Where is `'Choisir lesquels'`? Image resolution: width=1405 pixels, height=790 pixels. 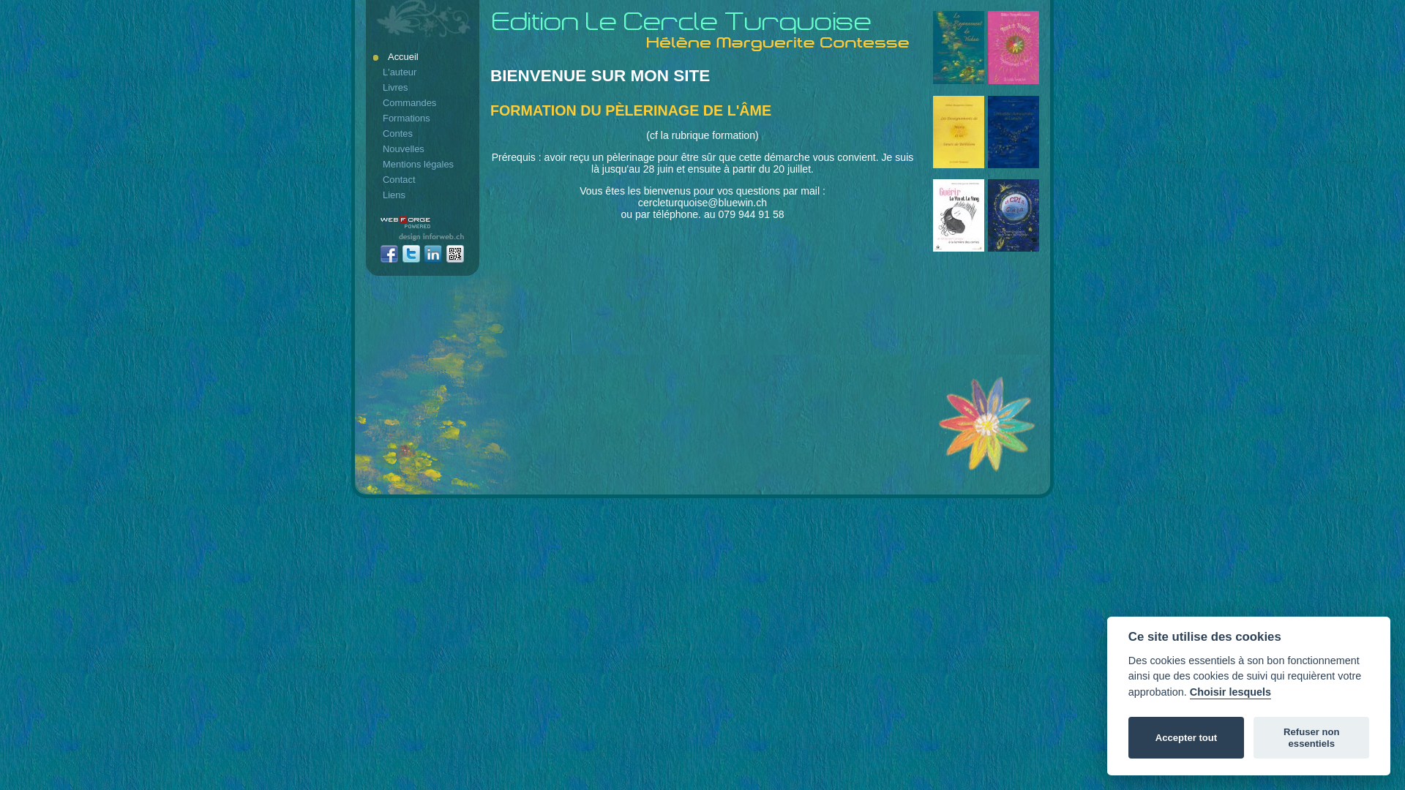
'Choisir lesquels' is located at coordinates (1229, 692).